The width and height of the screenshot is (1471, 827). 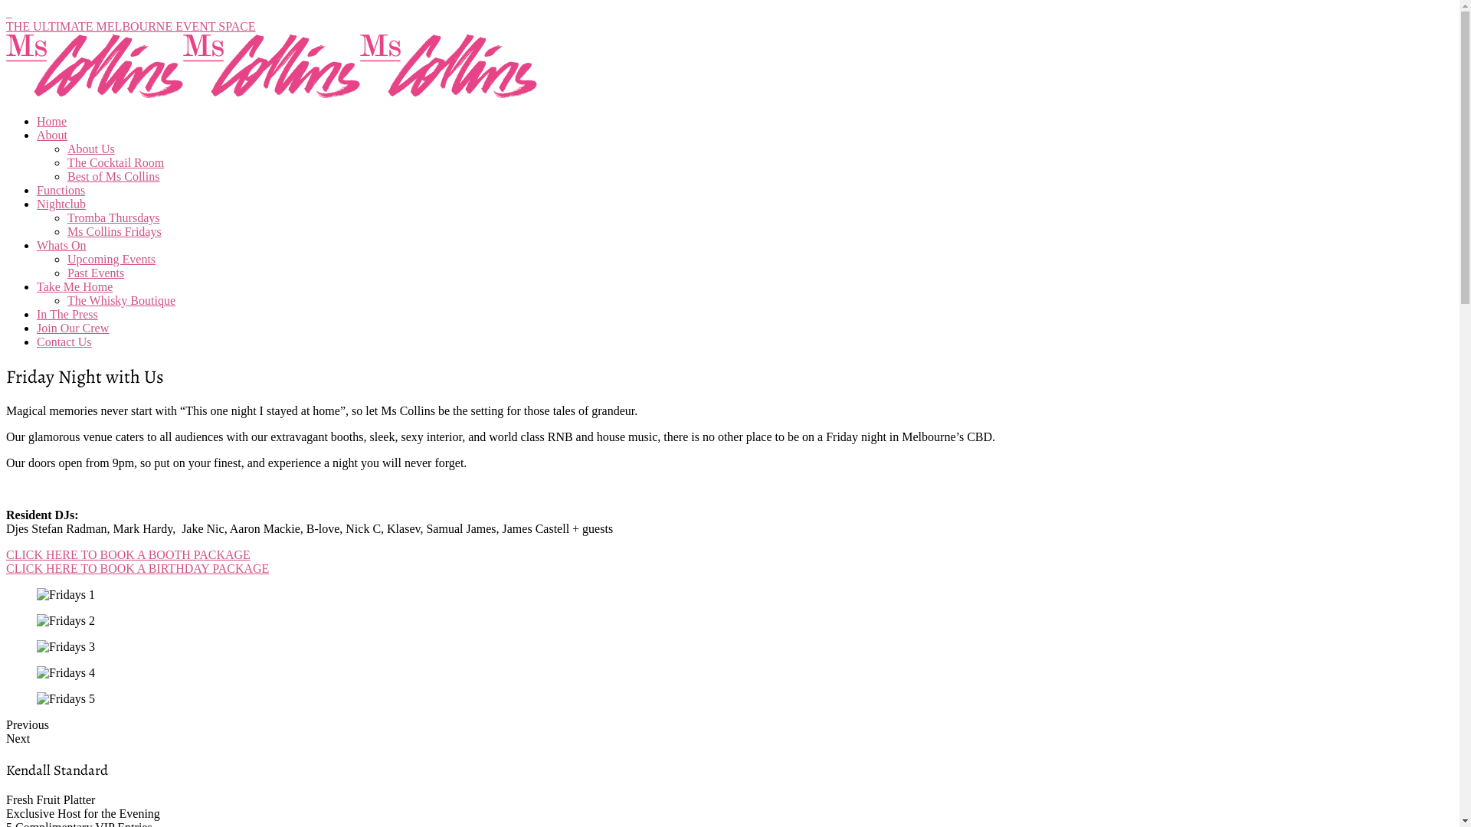 I want to click on 'Ms Collins Fridays', so click(x=113, y=231).